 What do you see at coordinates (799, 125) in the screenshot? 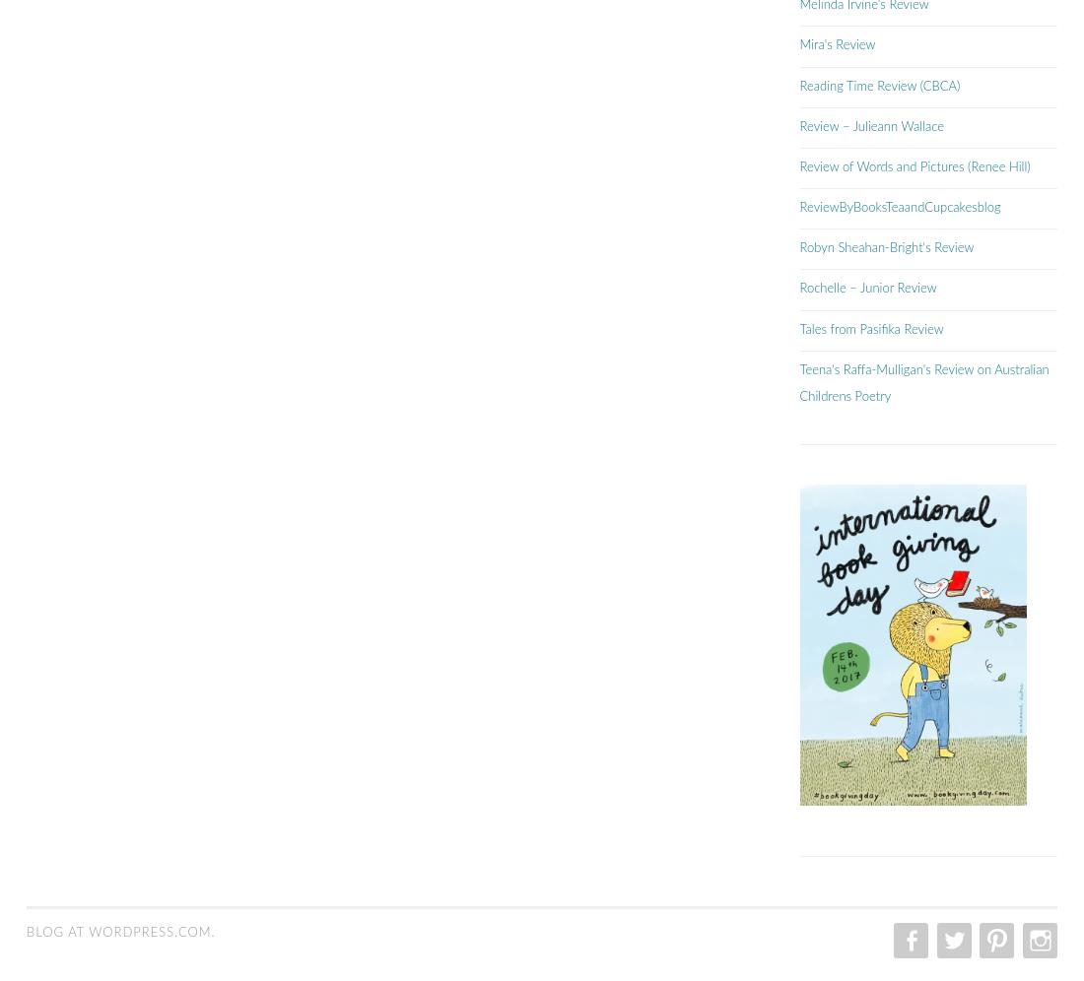
I see `'Review – Julieann Wallace'` at bounding box center [799, 125].